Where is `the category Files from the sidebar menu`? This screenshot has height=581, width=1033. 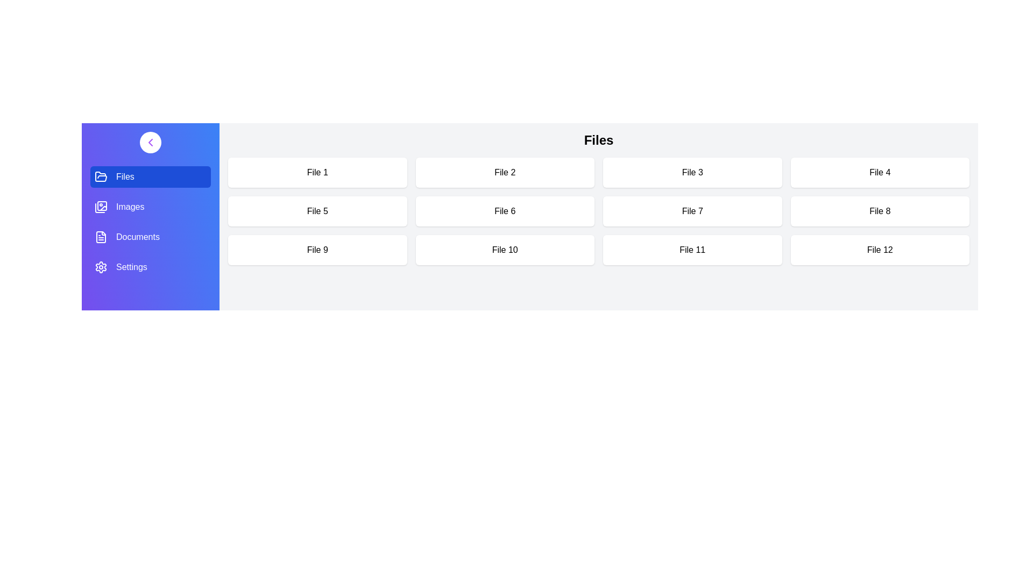 the category Files from the sidebar menu is located at coordinates (150, 176).